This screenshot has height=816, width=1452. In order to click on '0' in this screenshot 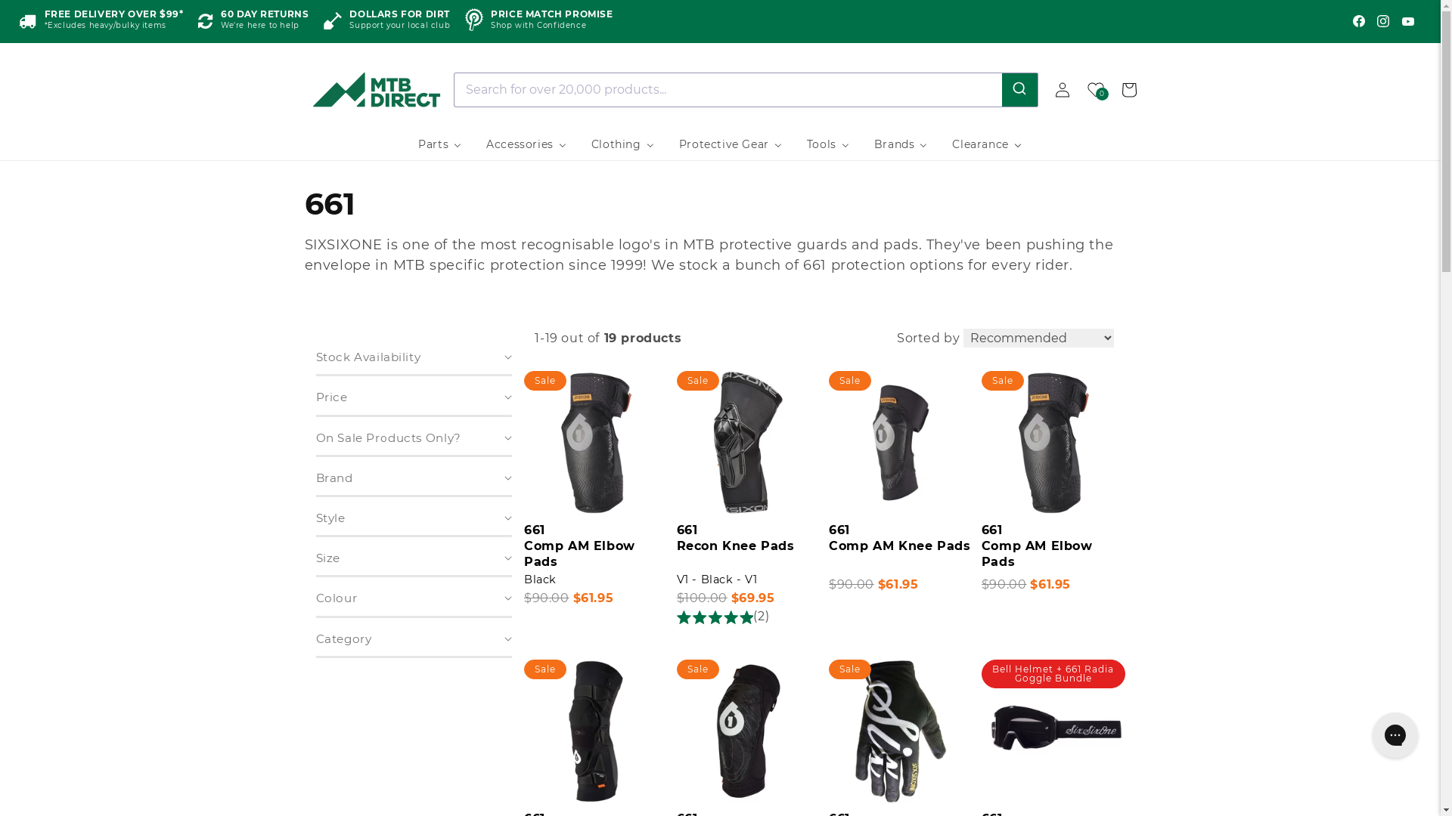, I will do `click(1095, 89)`.